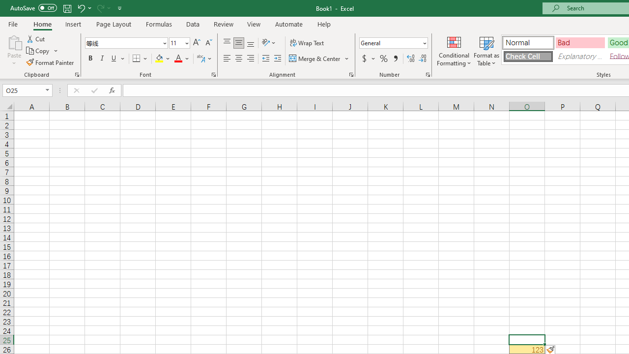 This screenshot has width=629, height=354. Describe the element at coordinates (319, 59) in the screenshot. I see `'Merge & Center'` at that location.